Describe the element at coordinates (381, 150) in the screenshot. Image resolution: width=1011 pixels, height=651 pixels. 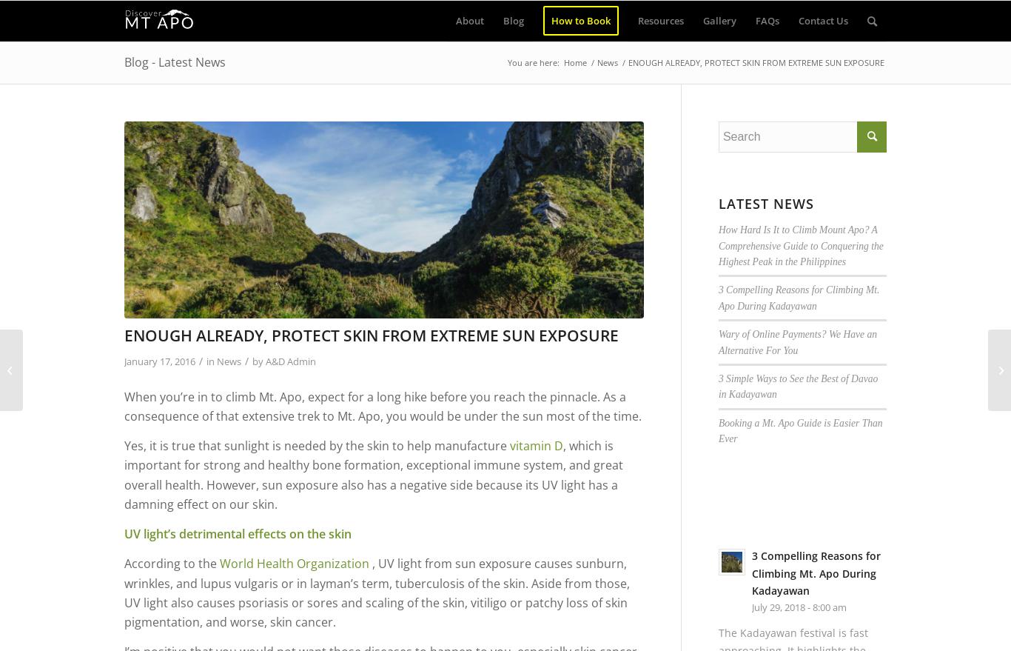
I see `'http://discovermtapo.com/wp-content/uploads/2015/12/Discover-Mt-Apo.png'` at that location.